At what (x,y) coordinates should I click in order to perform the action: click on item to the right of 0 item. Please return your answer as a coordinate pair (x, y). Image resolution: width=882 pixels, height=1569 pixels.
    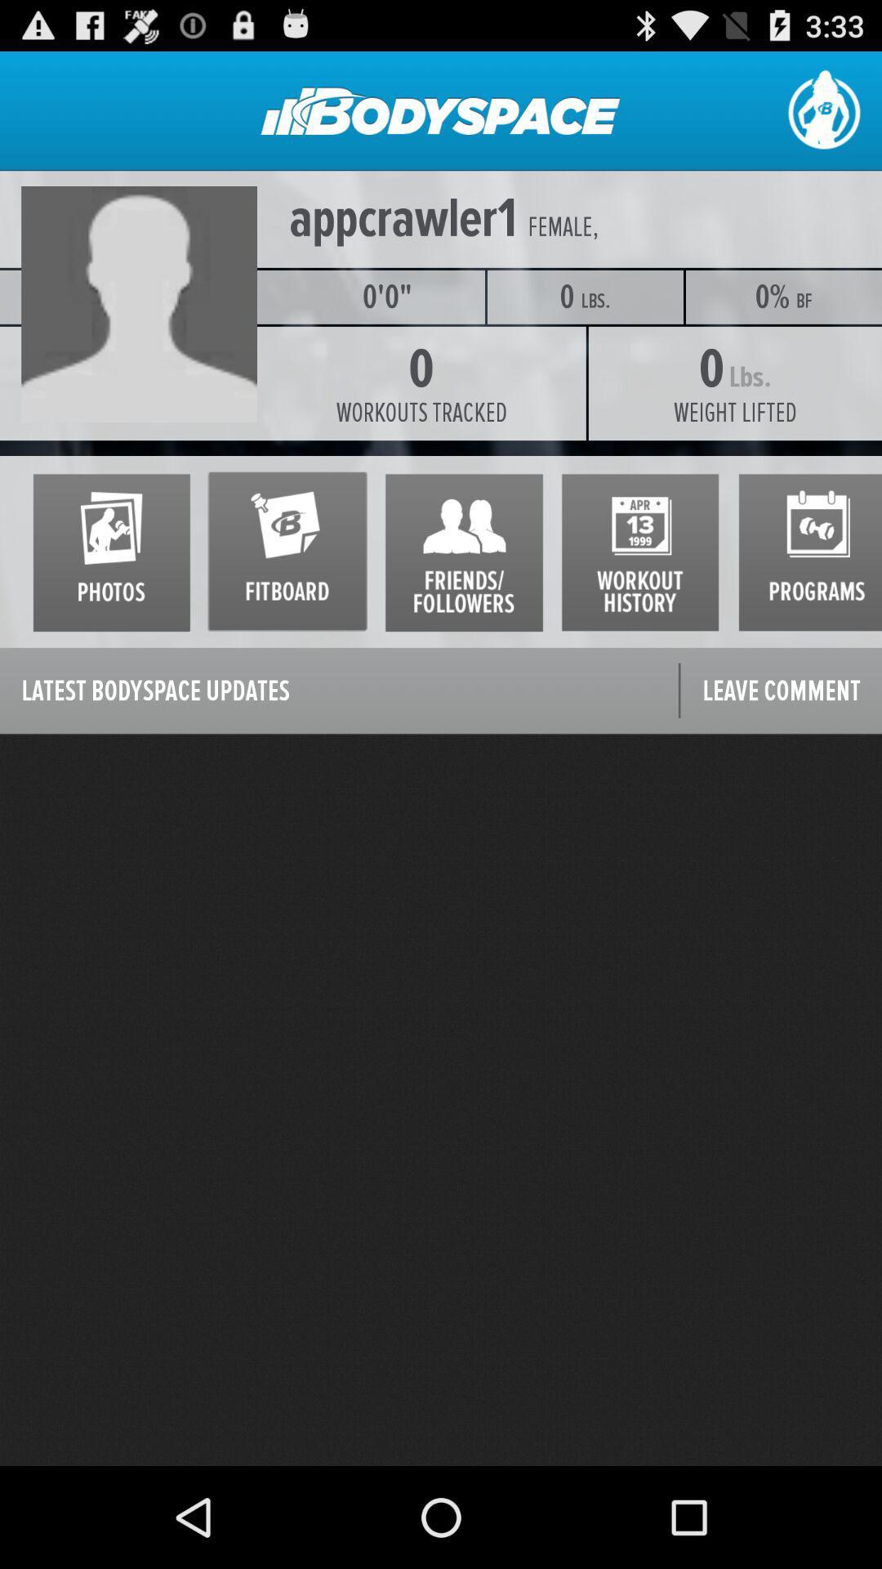
    Looking at the image, I should click on (735, 413).